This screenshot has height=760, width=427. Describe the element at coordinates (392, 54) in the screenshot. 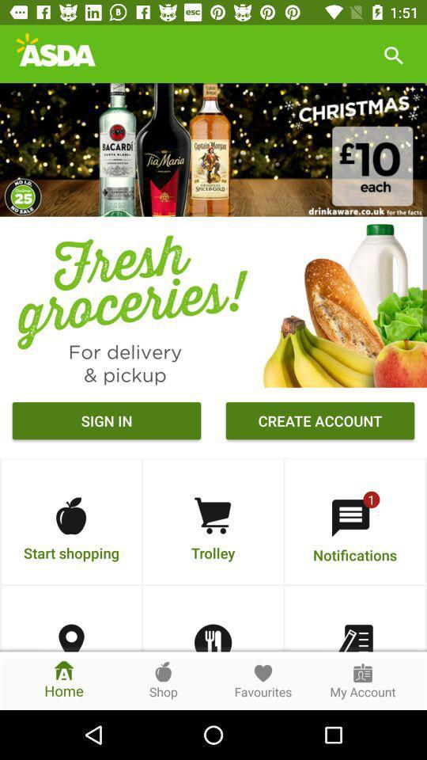

I see `the search button` at that location.